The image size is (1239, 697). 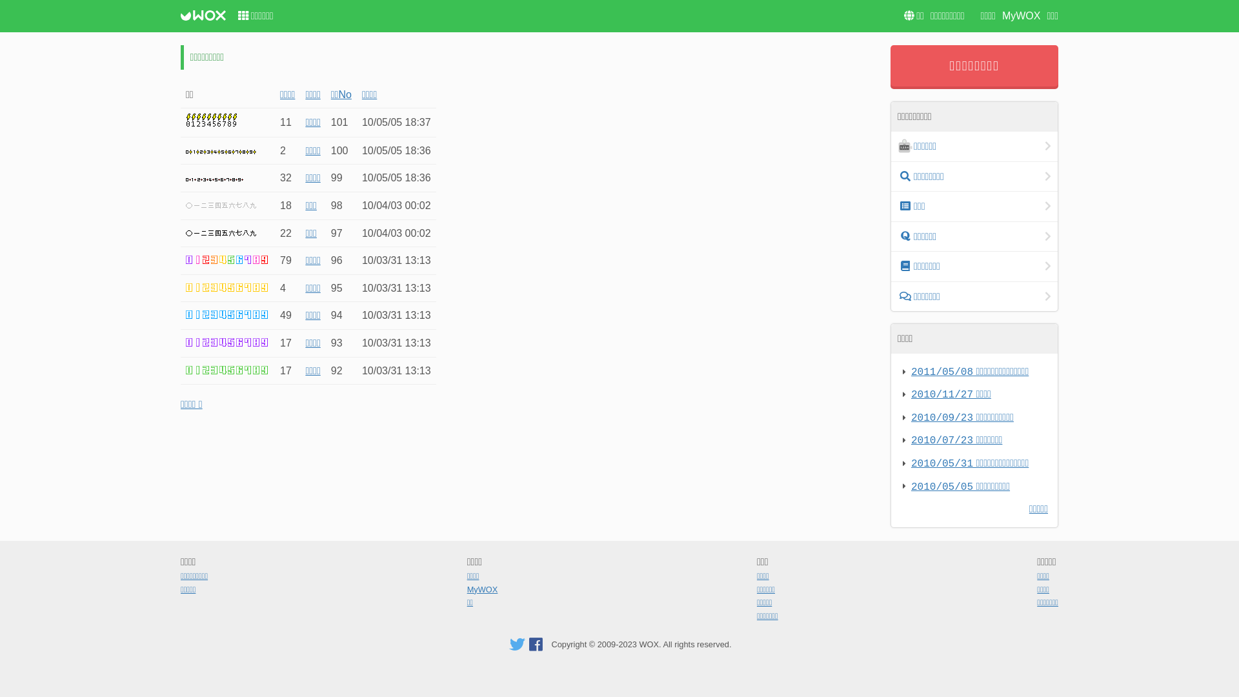 What do you see at coordinates (482, 589) in the screenshot?
I see `'MyWOX'` at bounding box center [482, 589].